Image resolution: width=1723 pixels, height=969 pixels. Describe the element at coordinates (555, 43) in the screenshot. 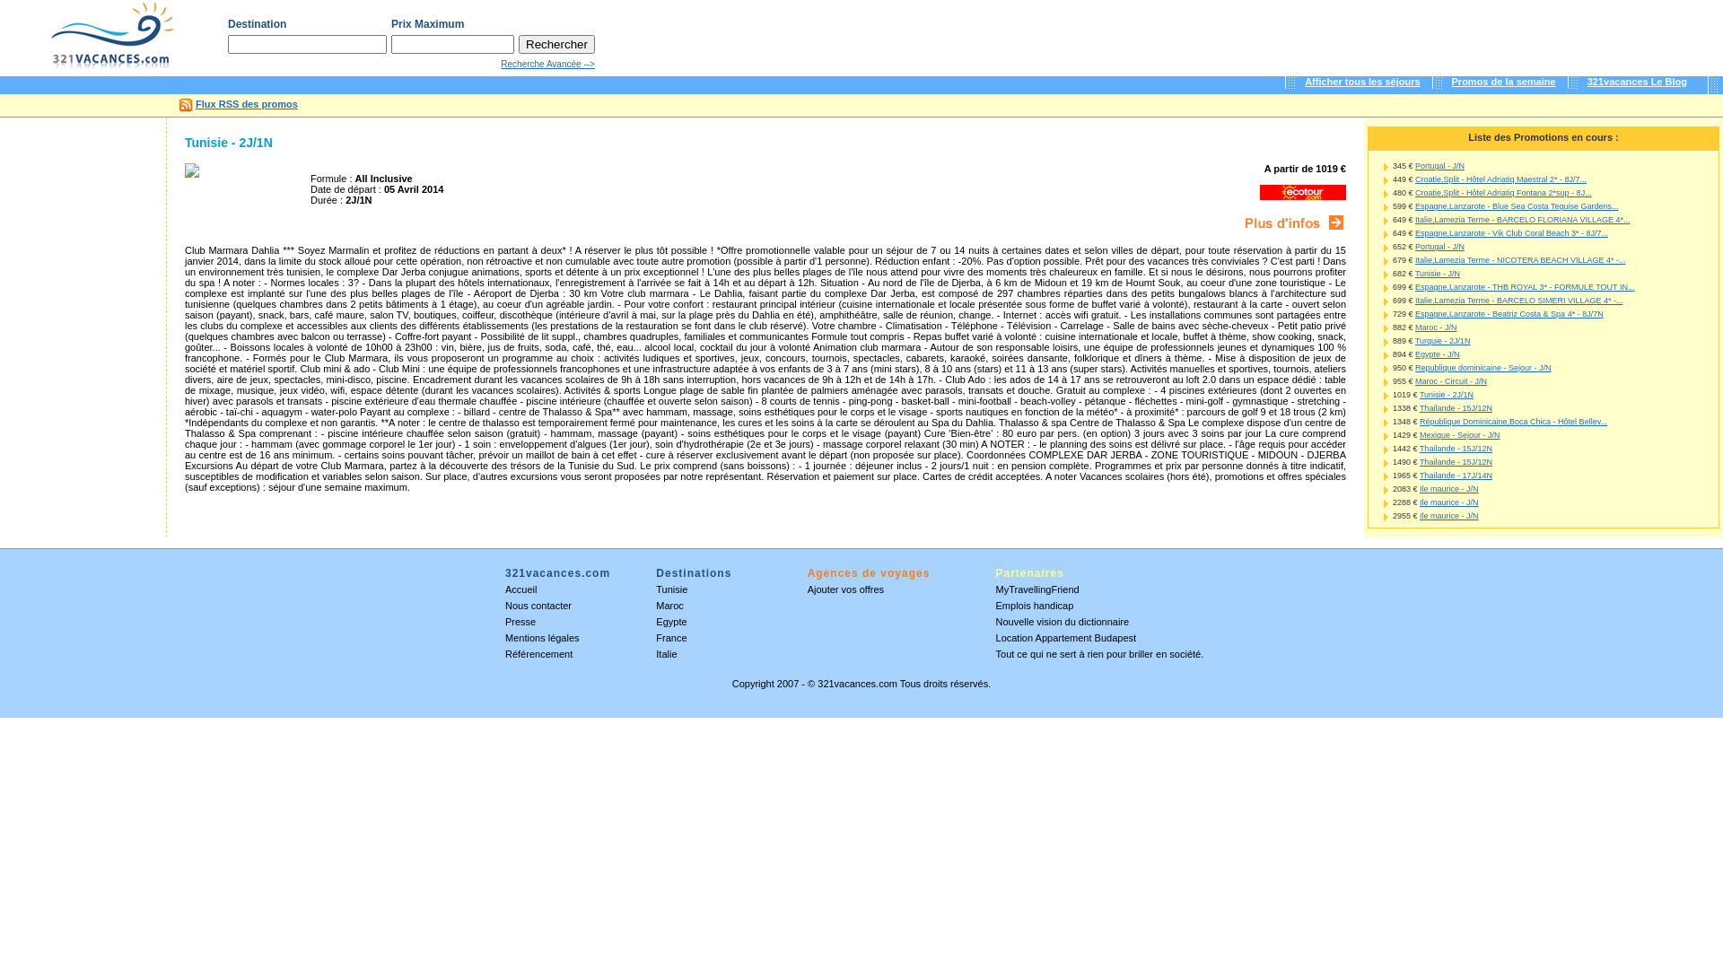

I see `'Rechercher'` at that location.